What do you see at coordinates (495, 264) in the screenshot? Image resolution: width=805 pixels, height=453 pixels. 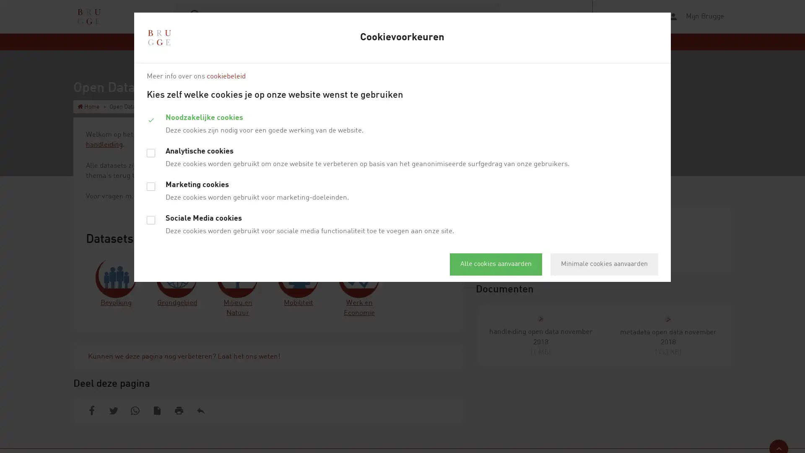 I see `Alle cookies aanvaarden` at bounding box center [495, 264].